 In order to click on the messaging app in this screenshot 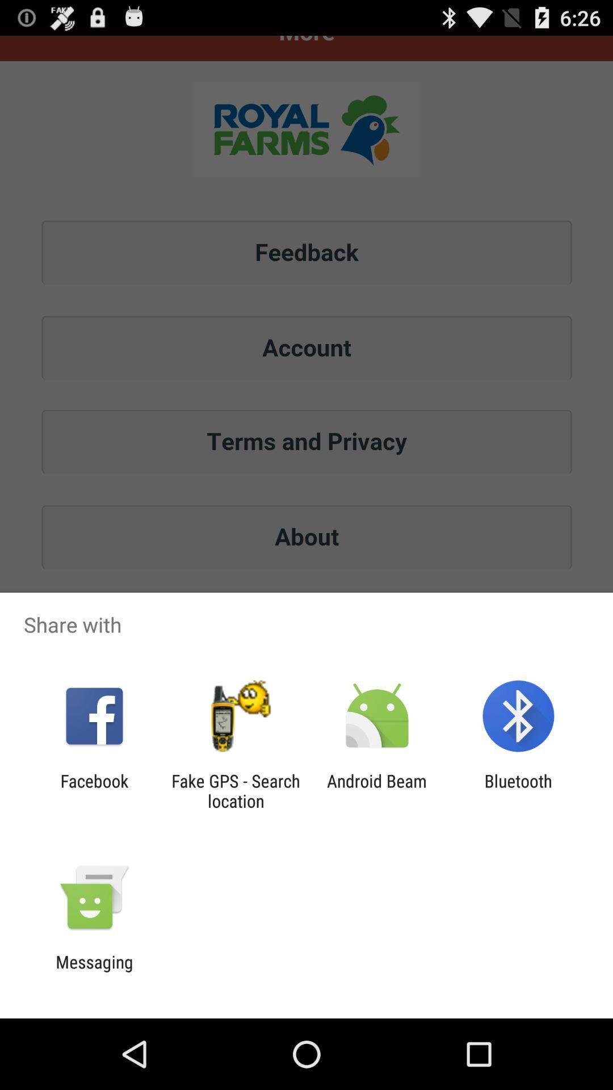, I will do `click(94, 971)`.